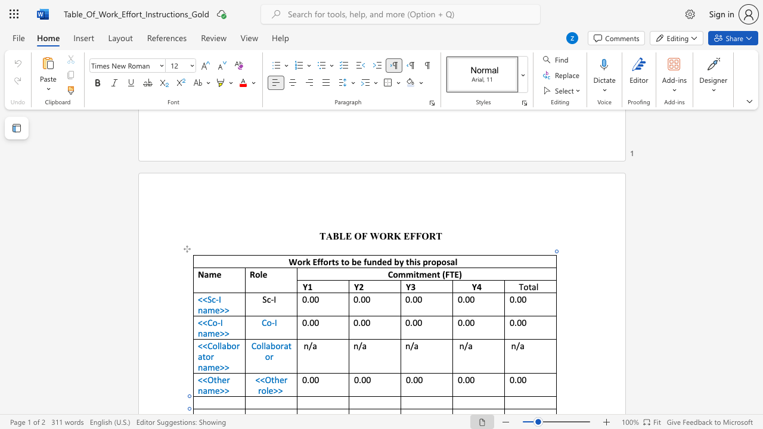 The height and width of the screenshot is (429, 763). I want to click on the 4th character "o" in the text, so click(433, 261).